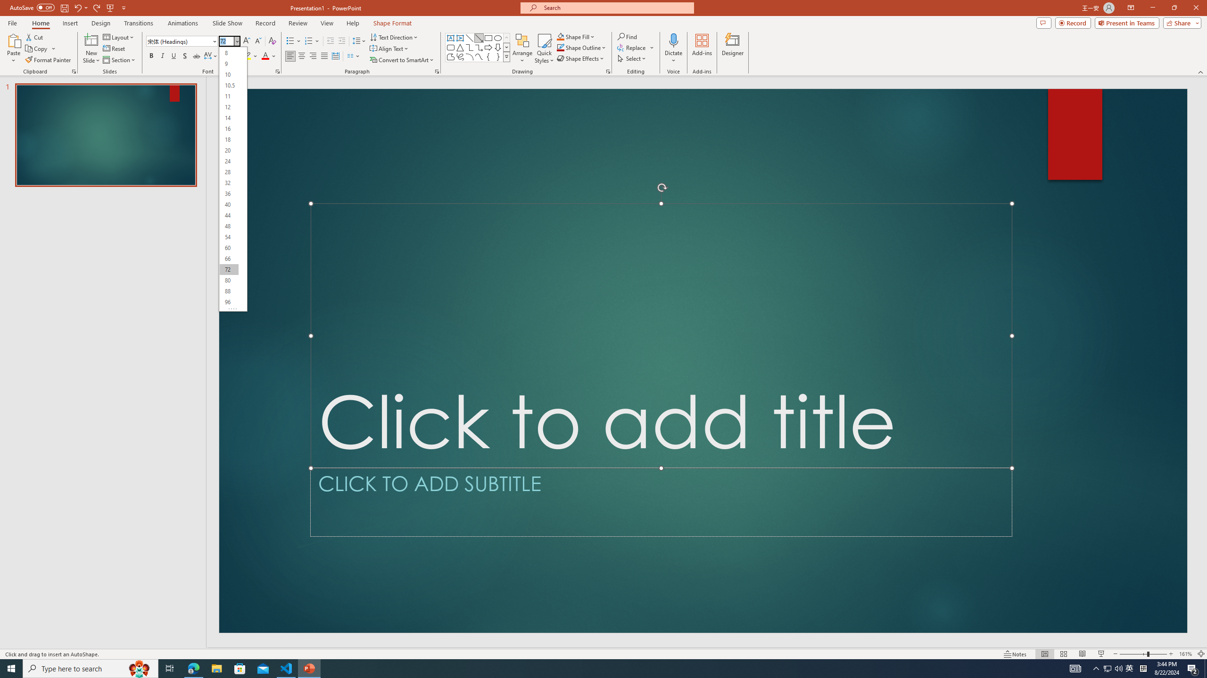 Image resolution: width=1207 pixels, height=678 pixels. I want to click on '54', so click(229, 236).